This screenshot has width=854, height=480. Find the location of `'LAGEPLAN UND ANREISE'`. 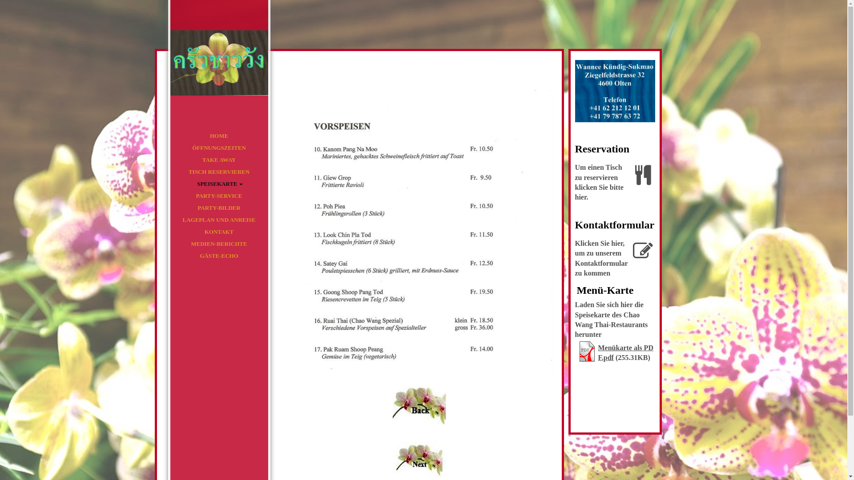

'LAGEPLAN UND ANREISE' is located at coordinates (218, 220).